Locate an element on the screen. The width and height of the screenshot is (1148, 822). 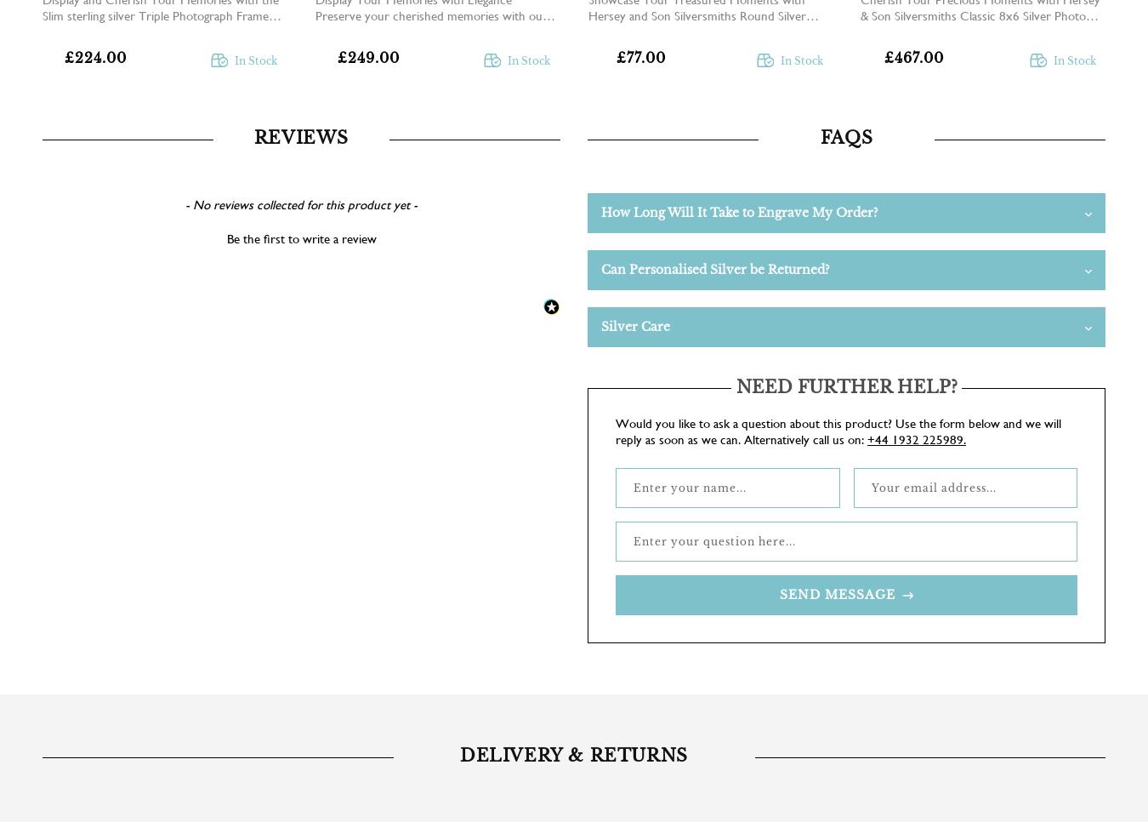
'£224.00' is located at coordinates (94, 58).